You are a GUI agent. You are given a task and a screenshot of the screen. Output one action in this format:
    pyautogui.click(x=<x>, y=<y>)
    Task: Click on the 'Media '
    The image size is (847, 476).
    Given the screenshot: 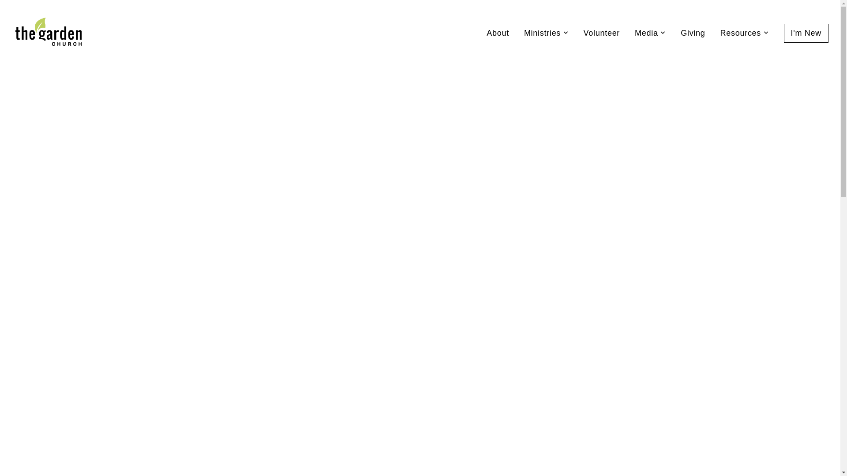 What is the action you would take?
    pyautogui.click(x=650, y=32)
    